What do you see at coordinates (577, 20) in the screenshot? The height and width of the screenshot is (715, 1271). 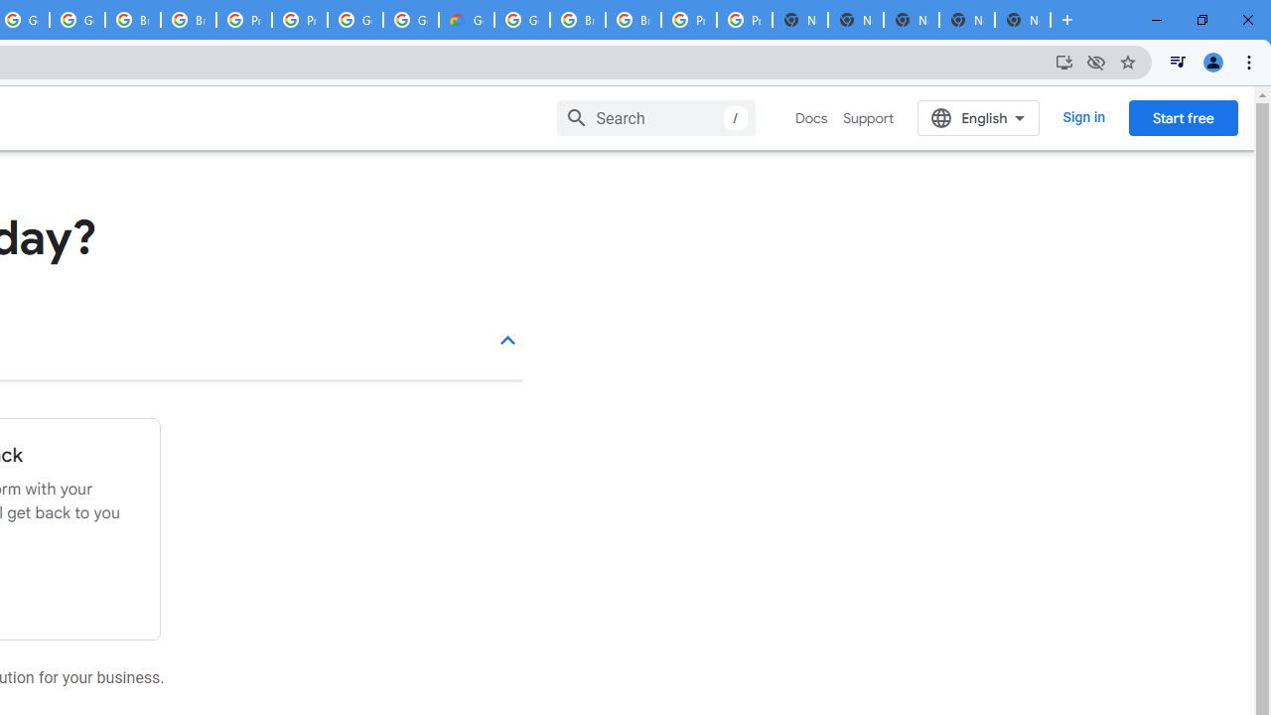 I see `'Browse Chrome as a guest - Computer - Google Chrome Help'` at bounding box center [577, 20].